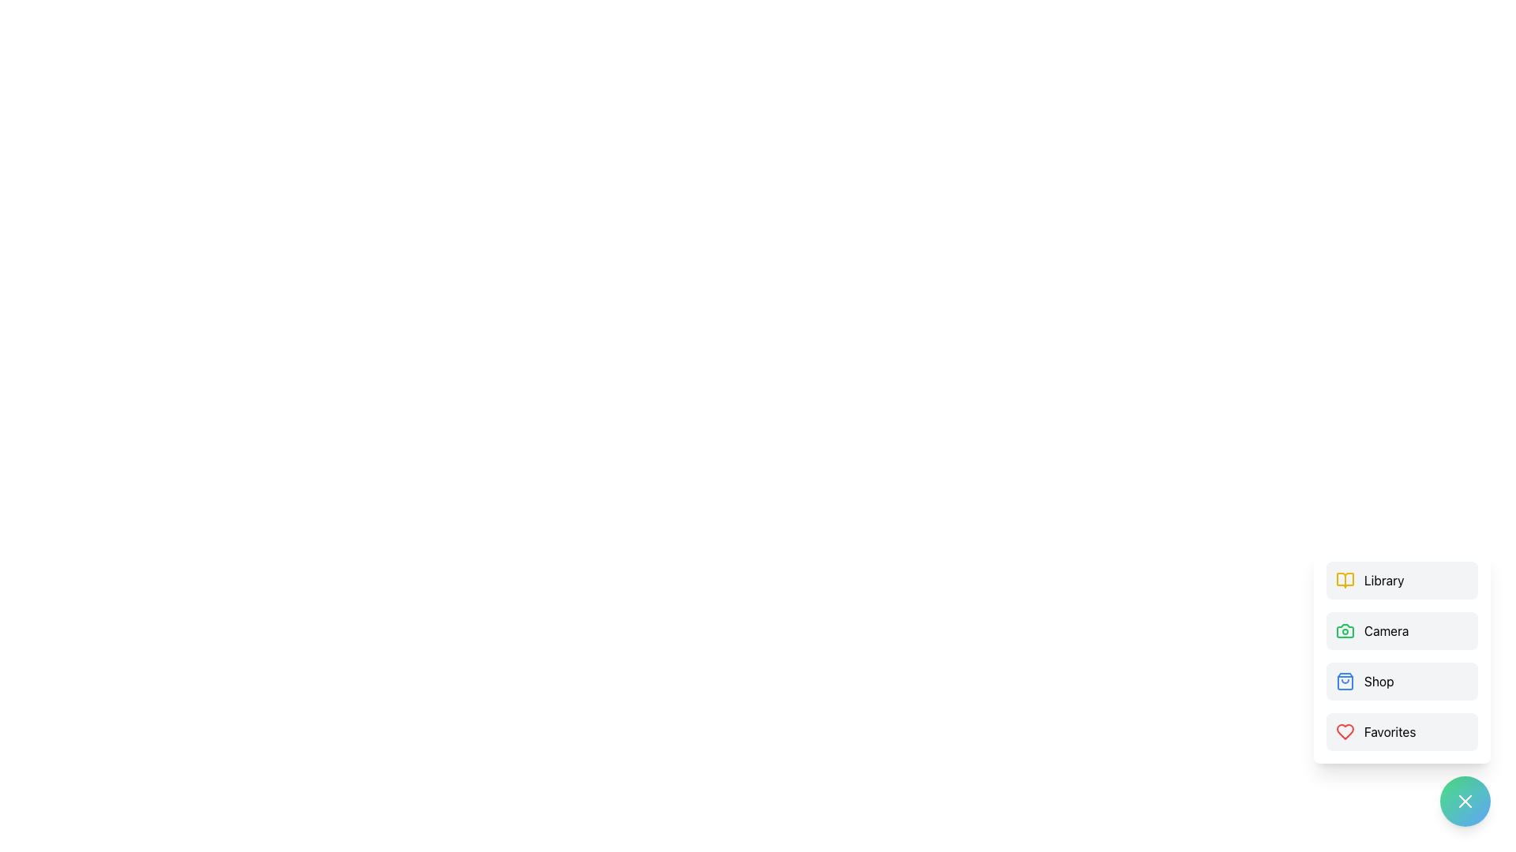 The height and width of the screenshot is (852, 1516). I want to click on the camera icon located in the second row, positioned between the Library icon above and the Shop icon below, so click(1345, 630).